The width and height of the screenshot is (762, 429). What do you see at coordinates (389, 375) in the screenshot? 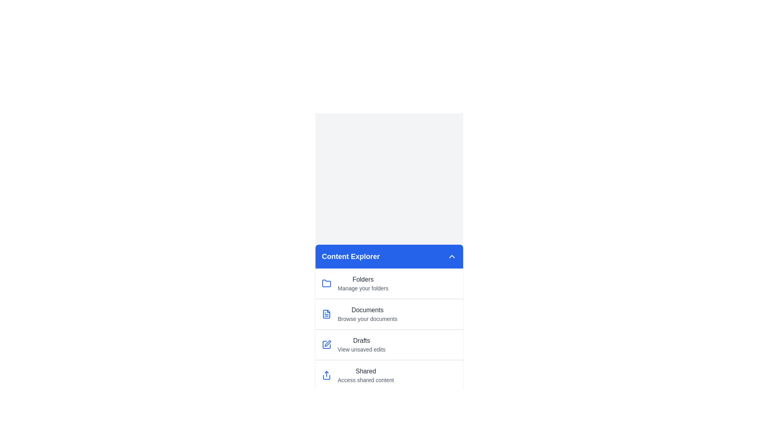
I see `the menu item Shared from the list` at bounding box center [389, 375].